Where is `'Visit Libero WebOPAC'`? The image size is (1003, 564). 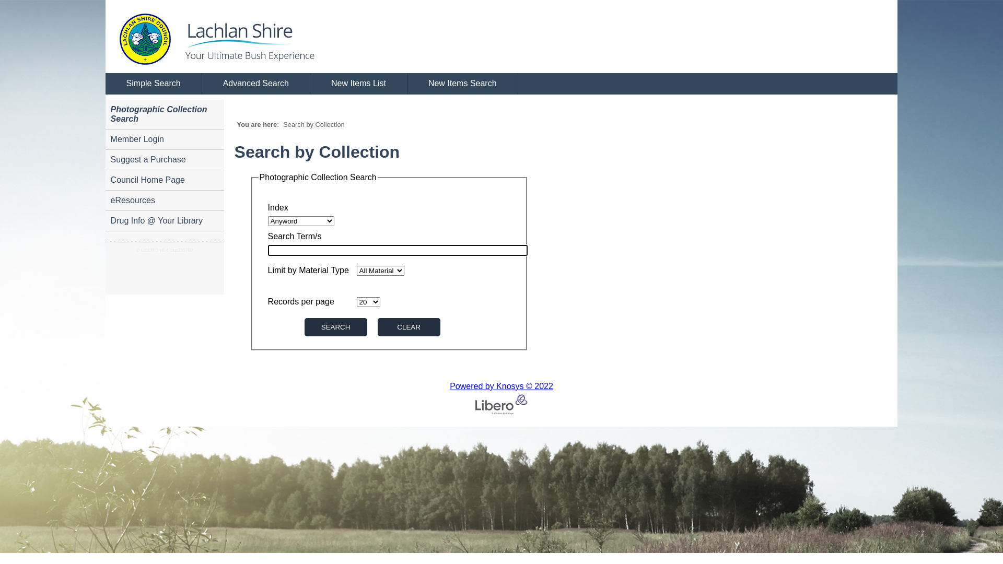 'Visit Libero WebOPAC' is located at coordinates (105, 36).